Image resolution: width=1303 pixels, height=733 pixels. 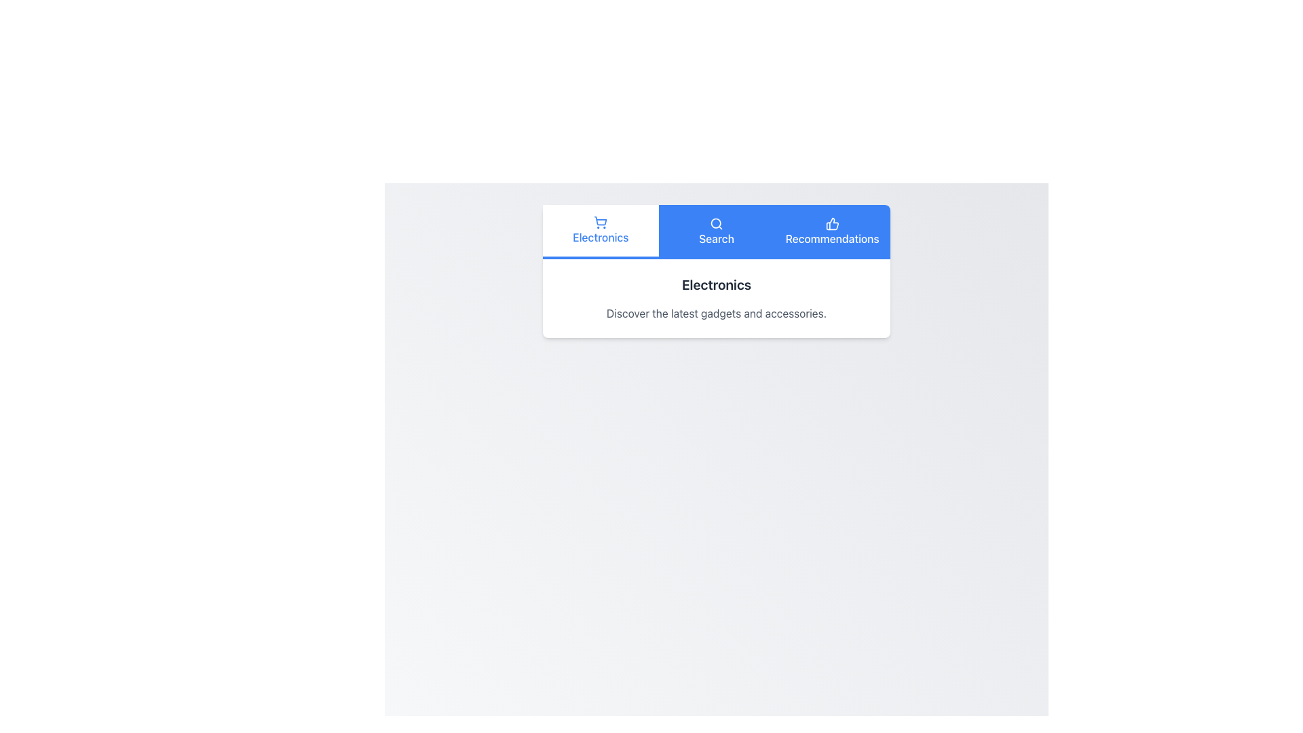 I want to click on the bold, blue rectangular button labeled 'Recommendations' with a thumbs-up icon, so click(x=831, y=231).